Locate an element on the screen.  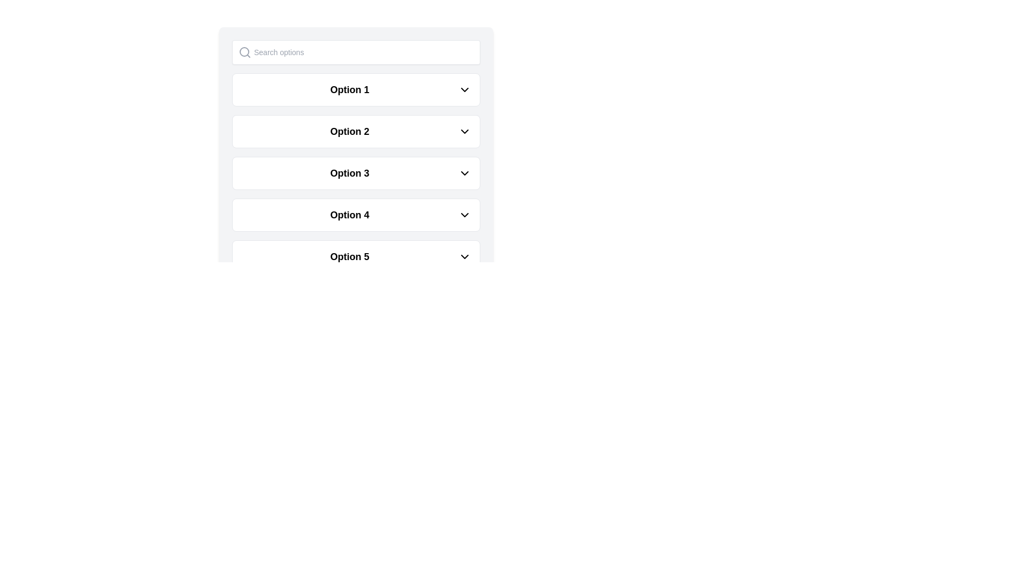
the gray magnifying glass icon located on the left side of the search bar, represented in a line art style, with a circular shape and a diagonal handle is located at coordinates (244, 52).